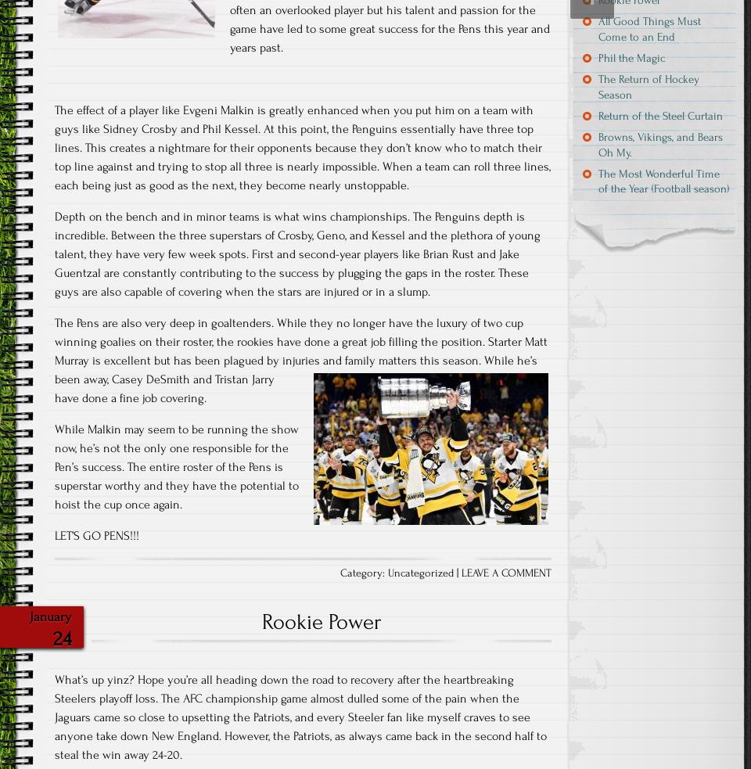 The image size is (751, 769). What do you see at coordinates (649, 85) in the screenshot?
I see `'The Return of Hockey Season'` at bounding box center [649, 85].